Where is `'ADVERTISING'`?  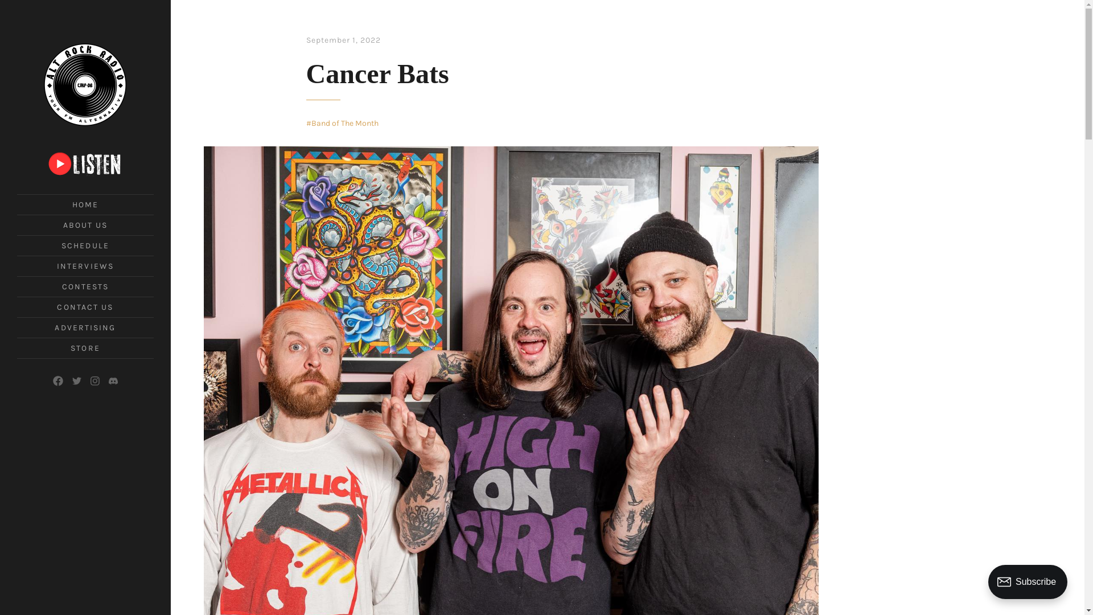
'ADVERTISING' is located at coordinates (84, 327).